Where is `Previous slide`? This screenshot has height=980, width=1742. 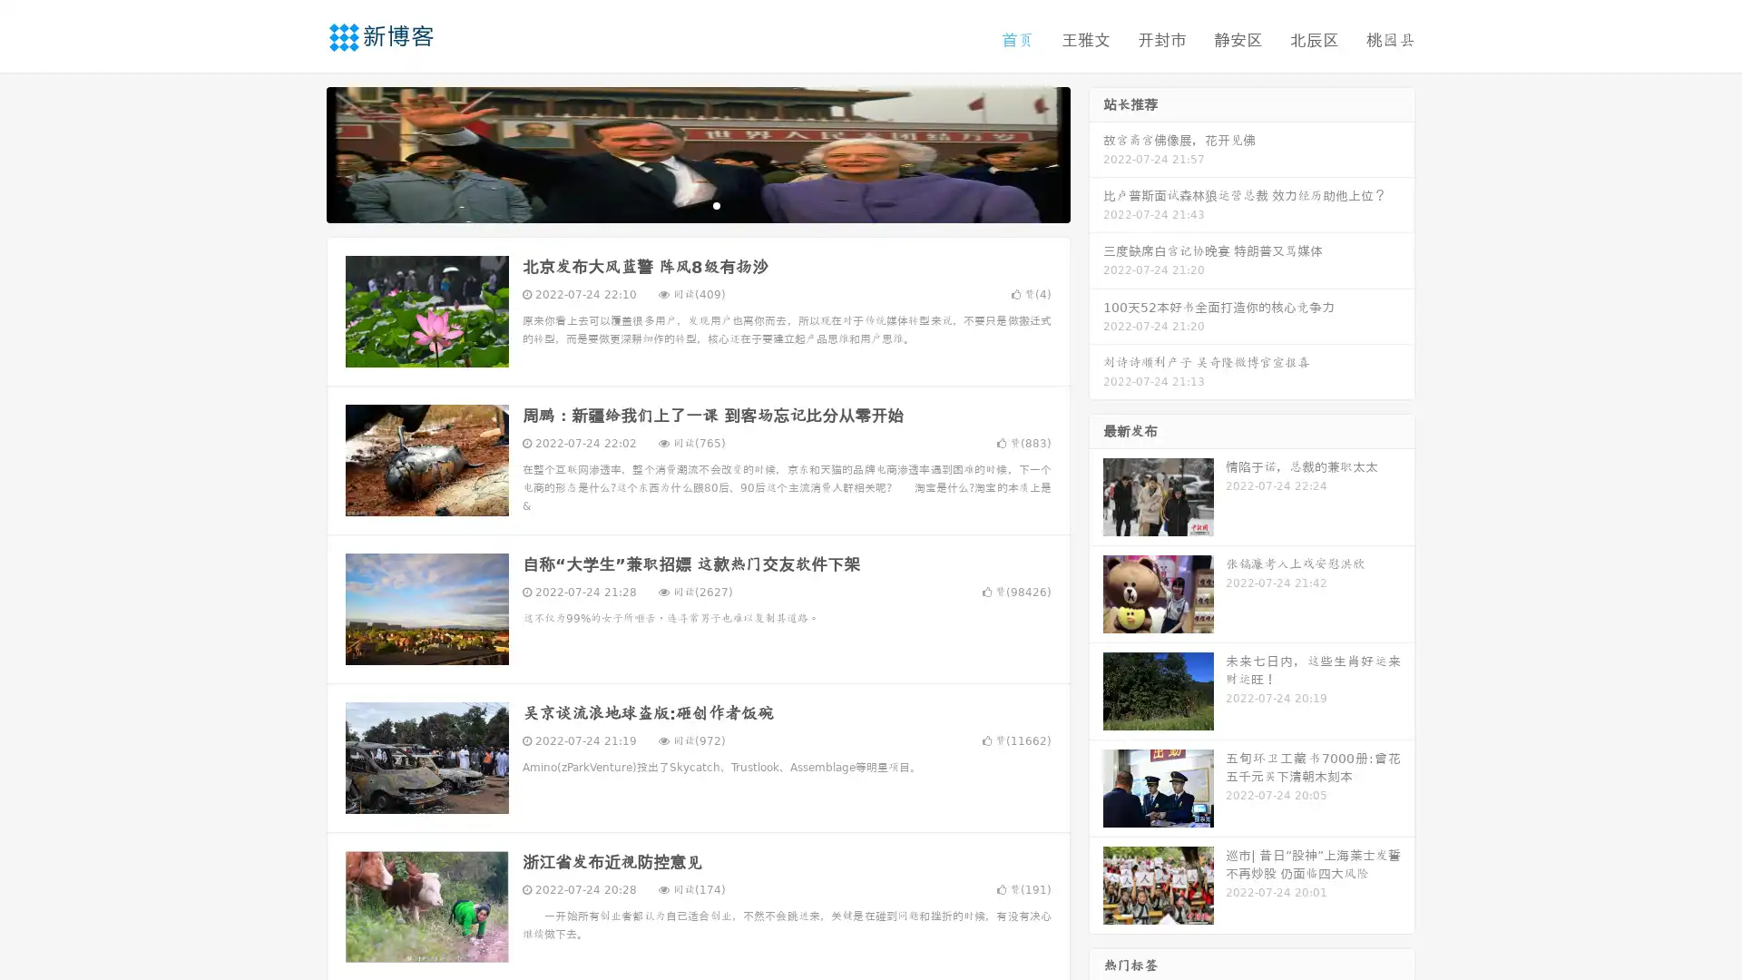 Previous slide is located at coordinates (299, 152).